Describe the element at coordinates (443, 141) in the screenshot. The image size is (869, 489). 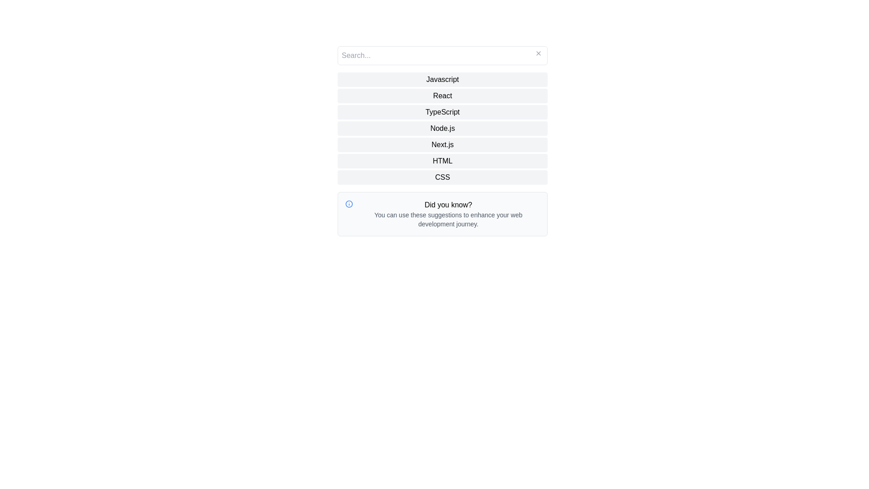
I see `the 'Next.js' button, which is the fifth item in a vertically stacked list` at that location.